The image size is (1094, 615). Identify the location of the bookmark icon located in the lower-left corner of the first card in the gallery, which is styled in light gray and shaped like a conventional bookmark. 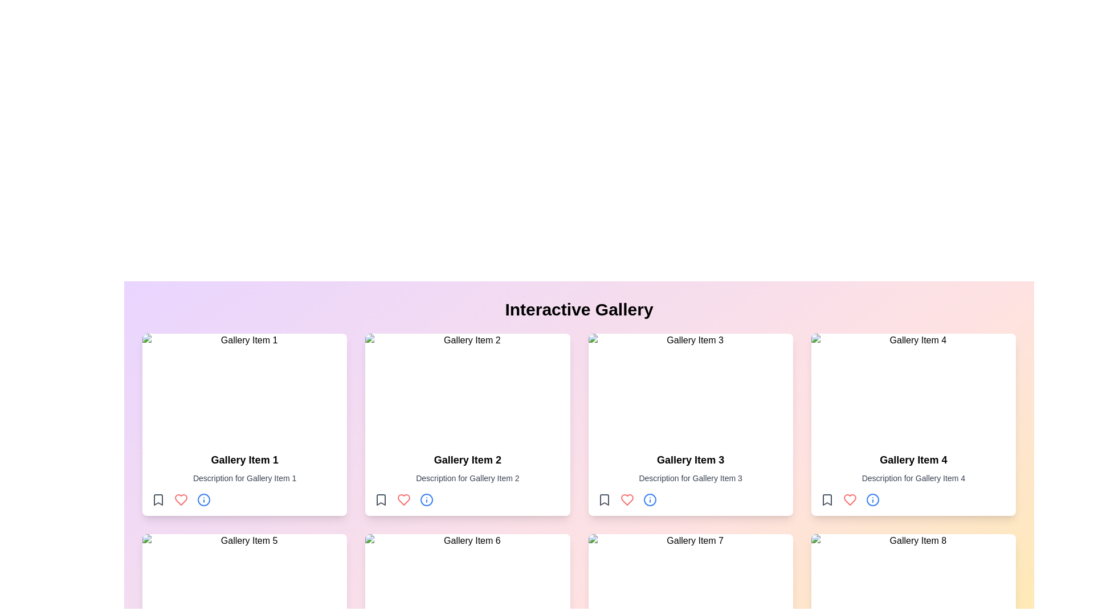
(158, 499).